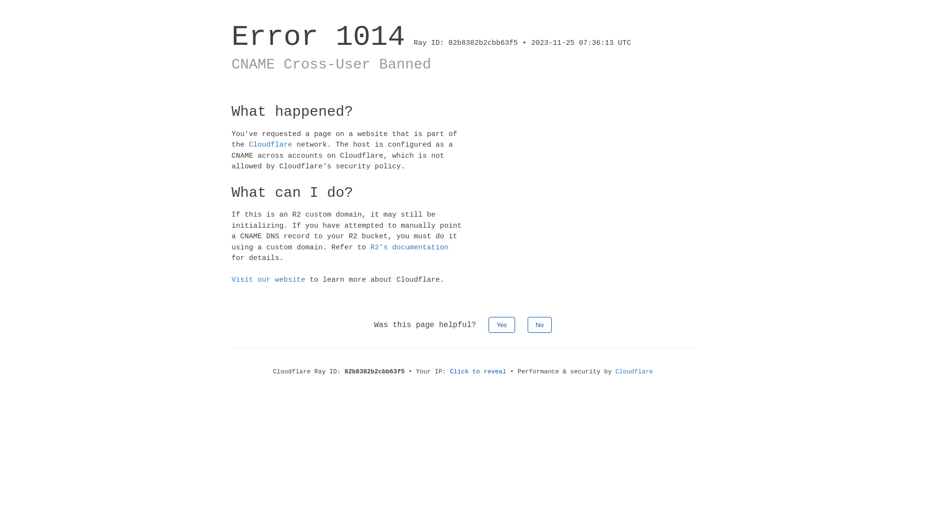  I want to click on 'R2's documentation', so click(370, 247).